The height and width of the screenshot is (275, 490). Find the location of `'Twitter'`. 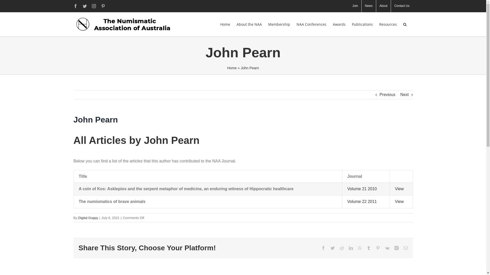

'Twitter' is located at coordinates (332, 248).